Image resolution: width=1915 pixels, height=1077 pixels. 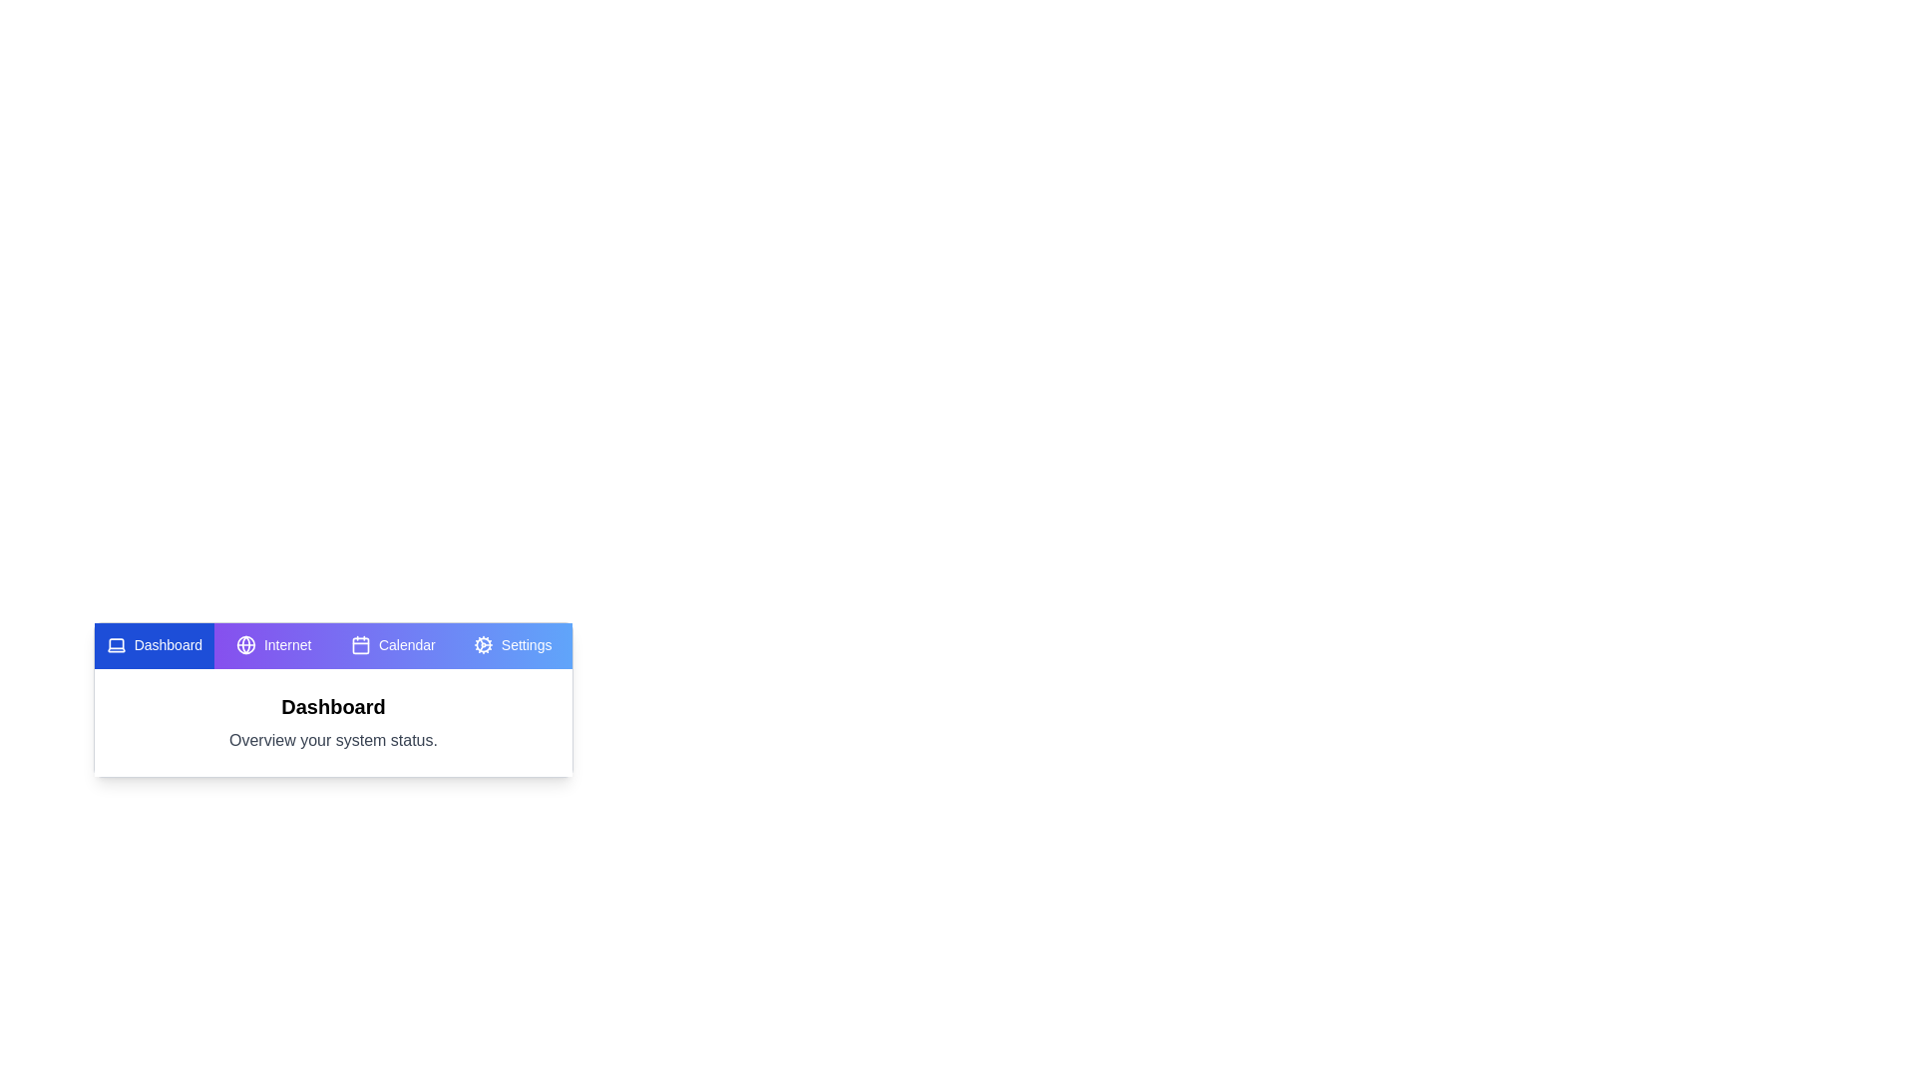 I want to click on the tab labeled Settings to view its content, so click(x=513, y=646).